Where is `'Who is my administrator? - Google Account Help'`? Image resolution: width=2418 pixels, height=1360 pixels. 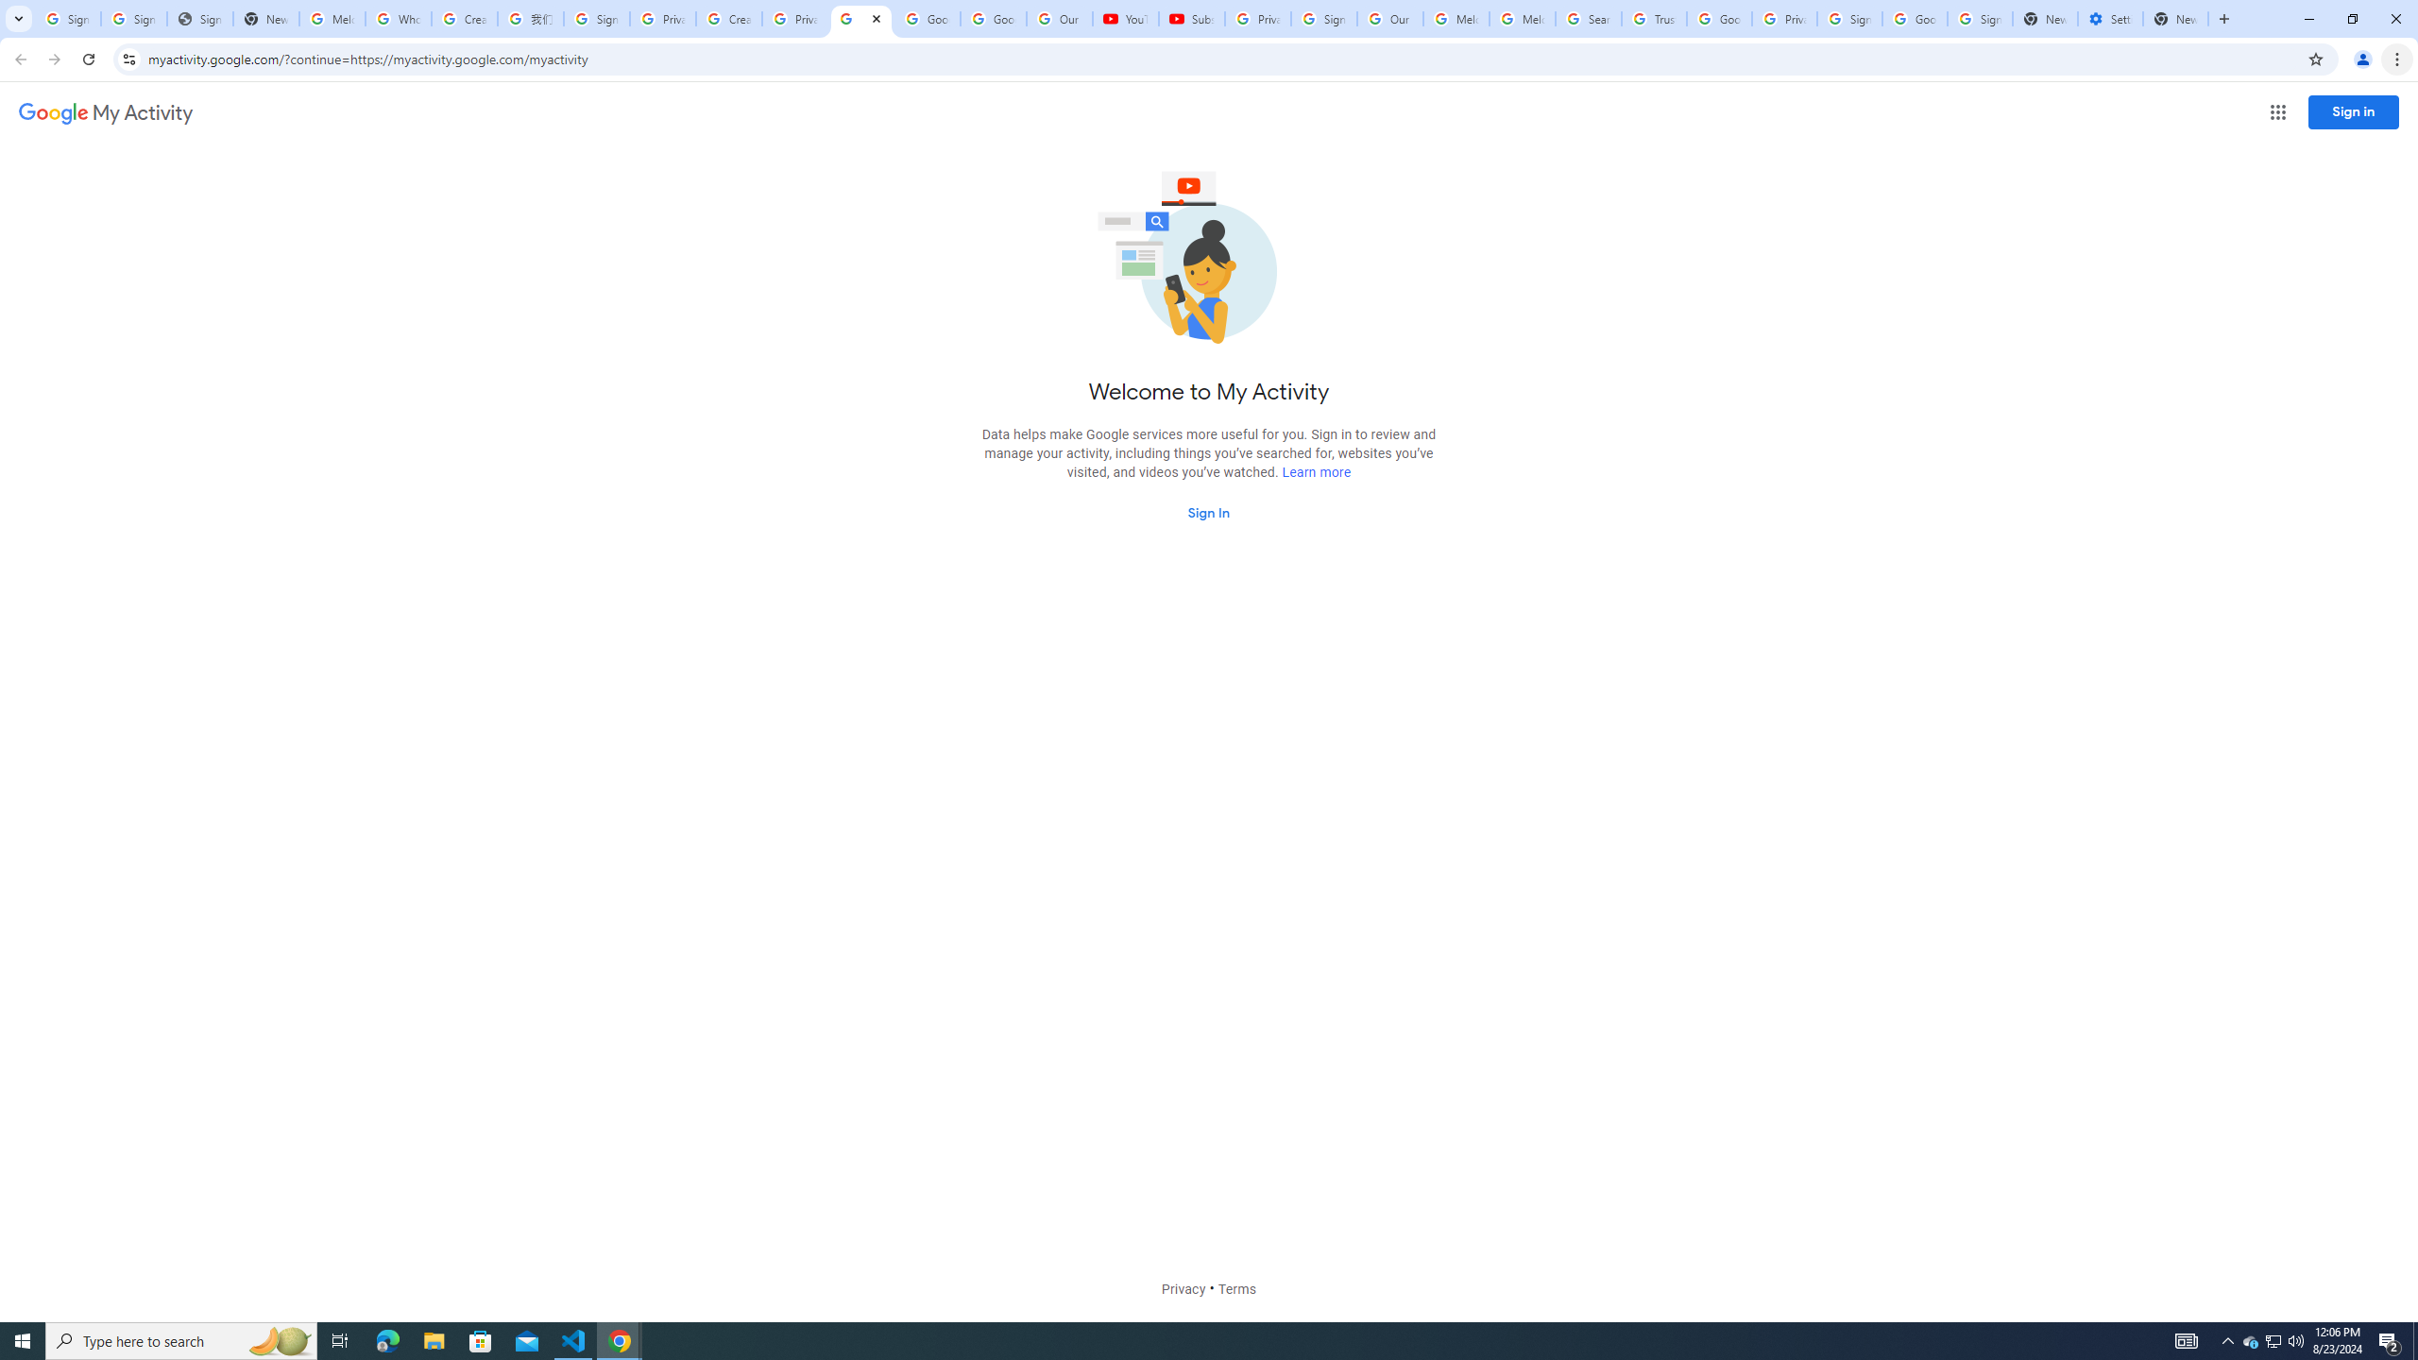
'Who is my administrator? - Google Account Help' is located at coordinates (398, 18).